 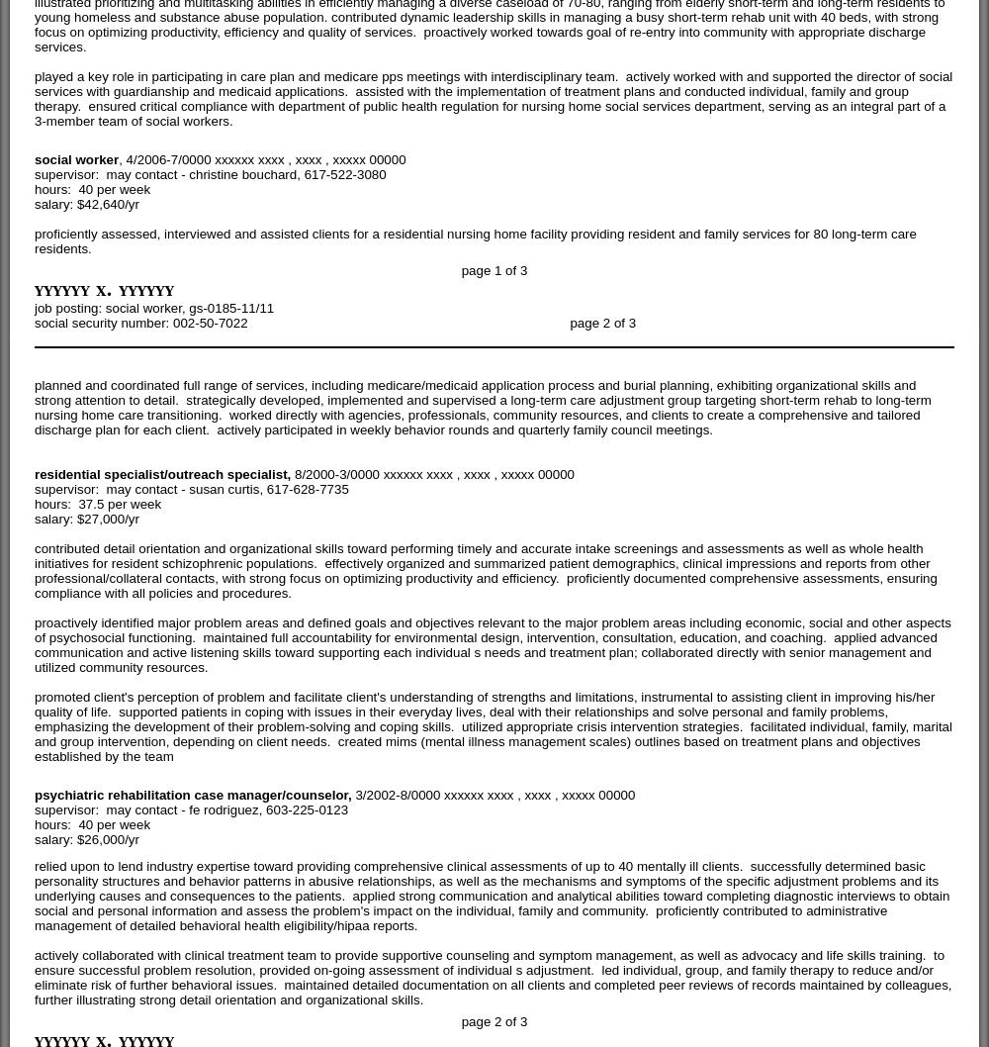 I want to click on 'planned
and coordinated full range of services, including medicare/medicaid application
process and burial planning, exhibiting organizational skills and strong
attention to detail.  strategically developed, implemented and supervised a
long-term care adjustment group targeting short-term rehab to long-term nursing
home care transitioning.  worked directly with agencies, professionals,
community resources, and clients to create a comprehensive and tailored discharge
plan for each client.  actively participated in weekly behavior rounds and
quarterly family council meetings.', so click(x=482, y=407).